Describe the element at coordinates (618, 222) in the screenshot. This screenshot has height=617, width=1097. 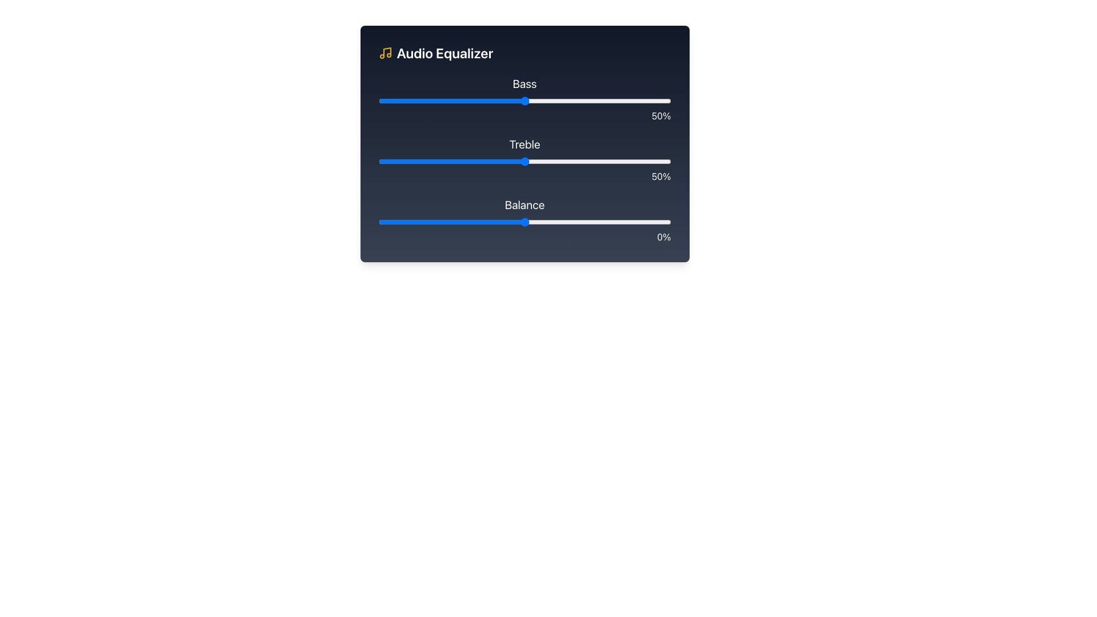
I see `balance` at that location.